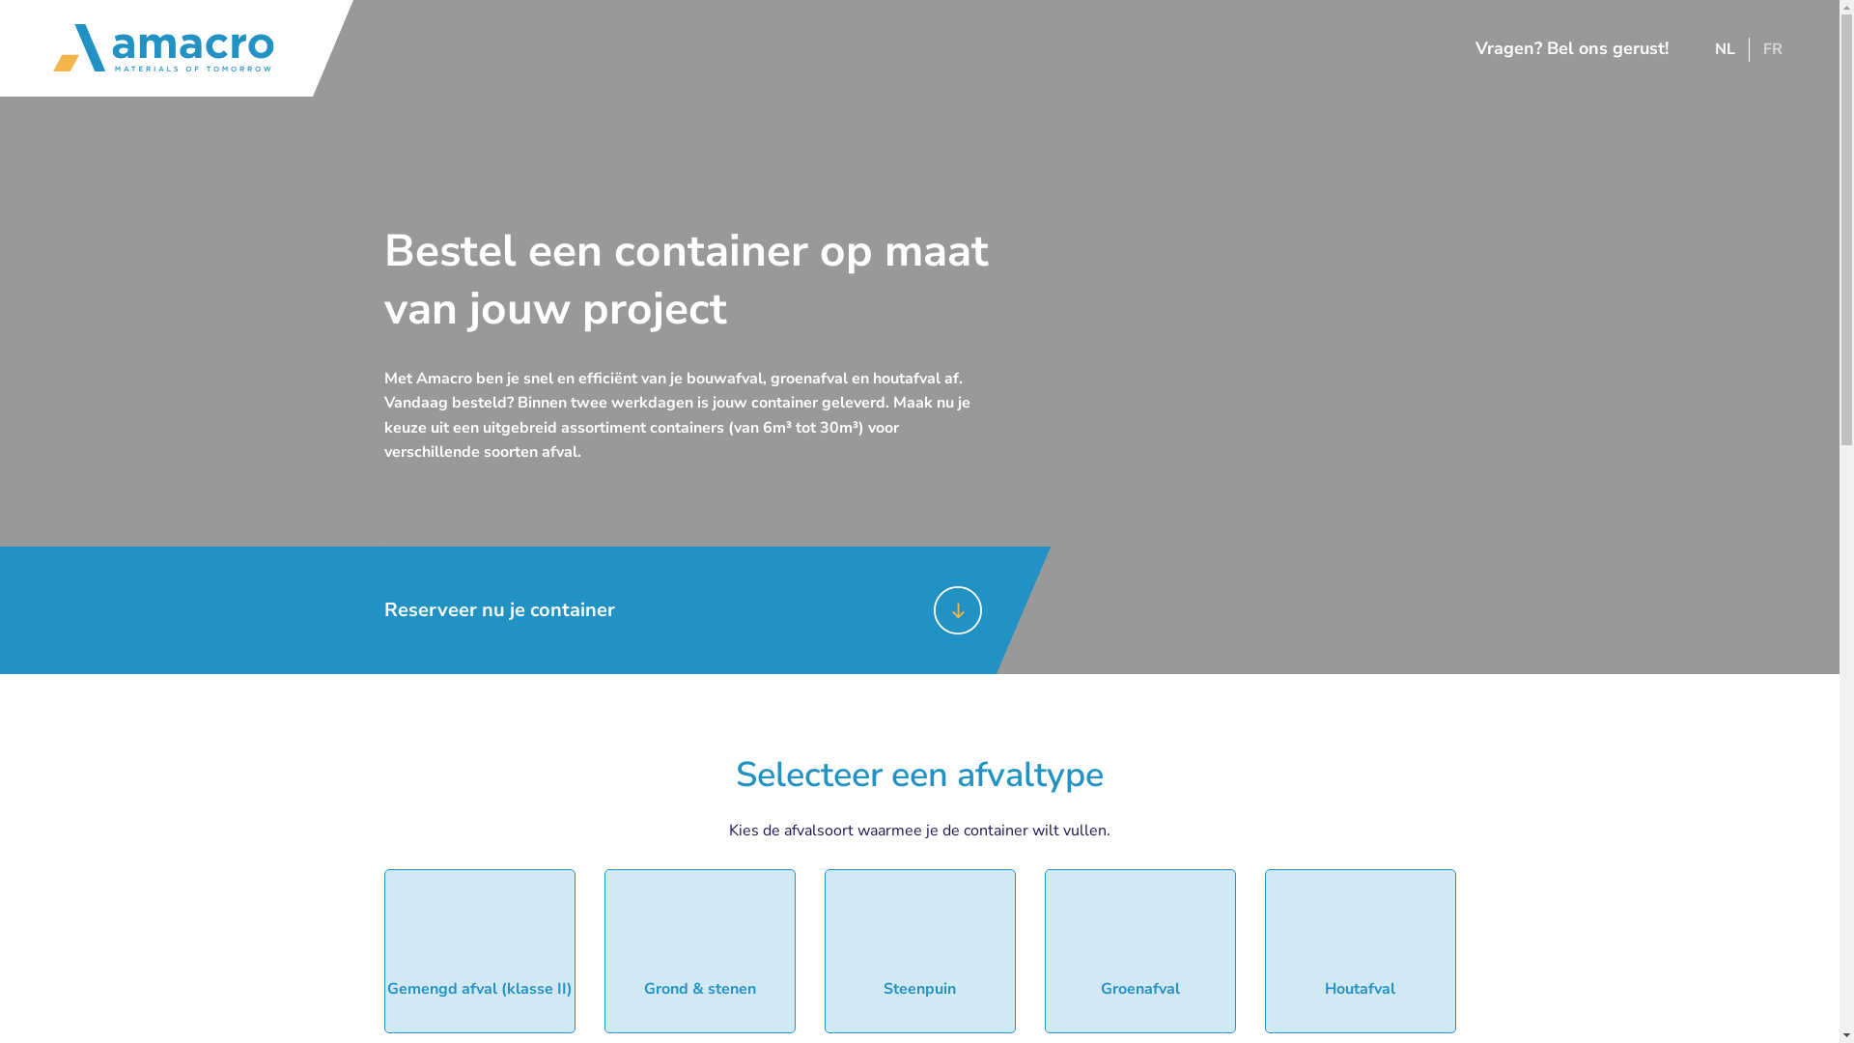 The height and width of the screenshot is (1043, 1854). Describe the element at coordinates (384, 610) in the screenshot. I see `'Reserveer nu je container'` at that location.